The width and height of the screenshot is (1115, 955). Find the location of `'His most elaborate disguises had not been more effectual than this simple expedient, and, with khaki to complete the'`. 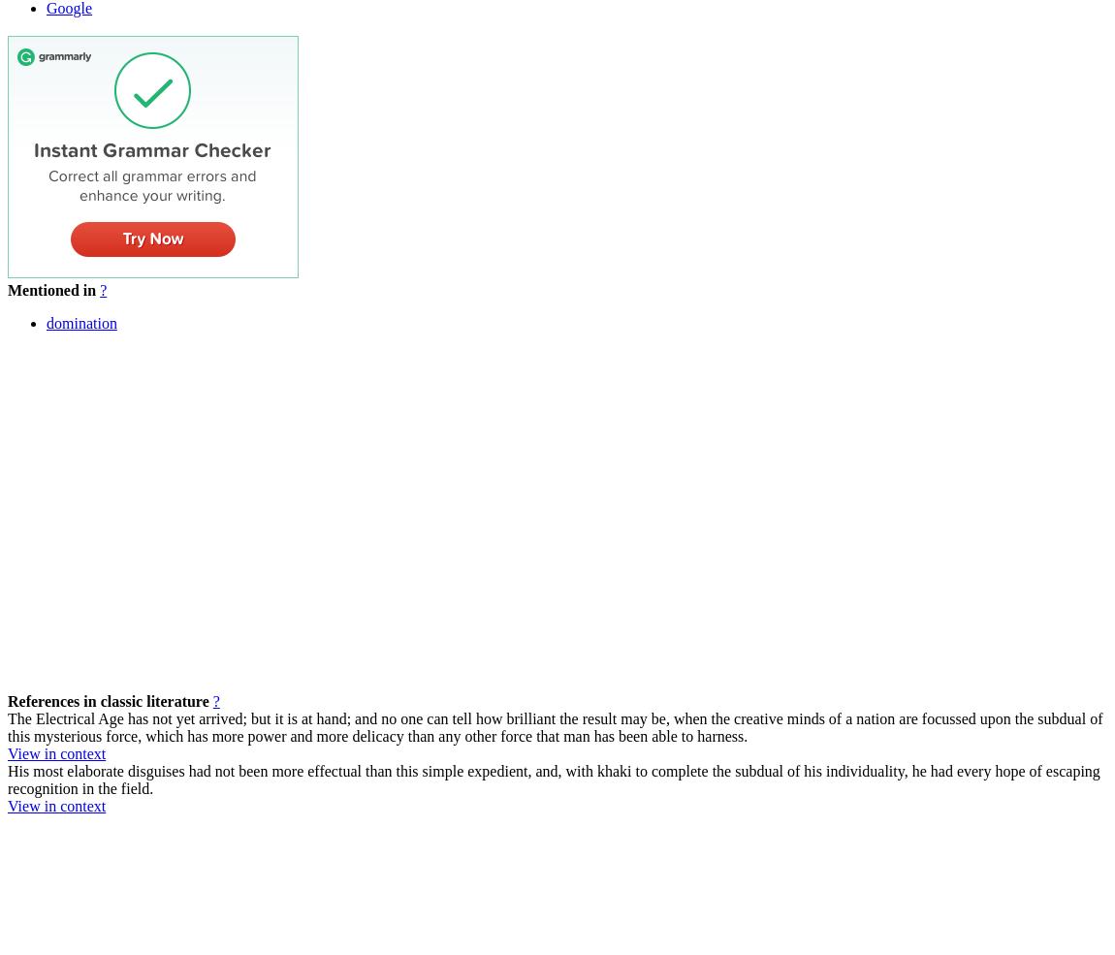

'His most elaborate disguises had not been more effectual than this simple expedient, and, with khaki to complete the' is located at coordinates (370, 769).